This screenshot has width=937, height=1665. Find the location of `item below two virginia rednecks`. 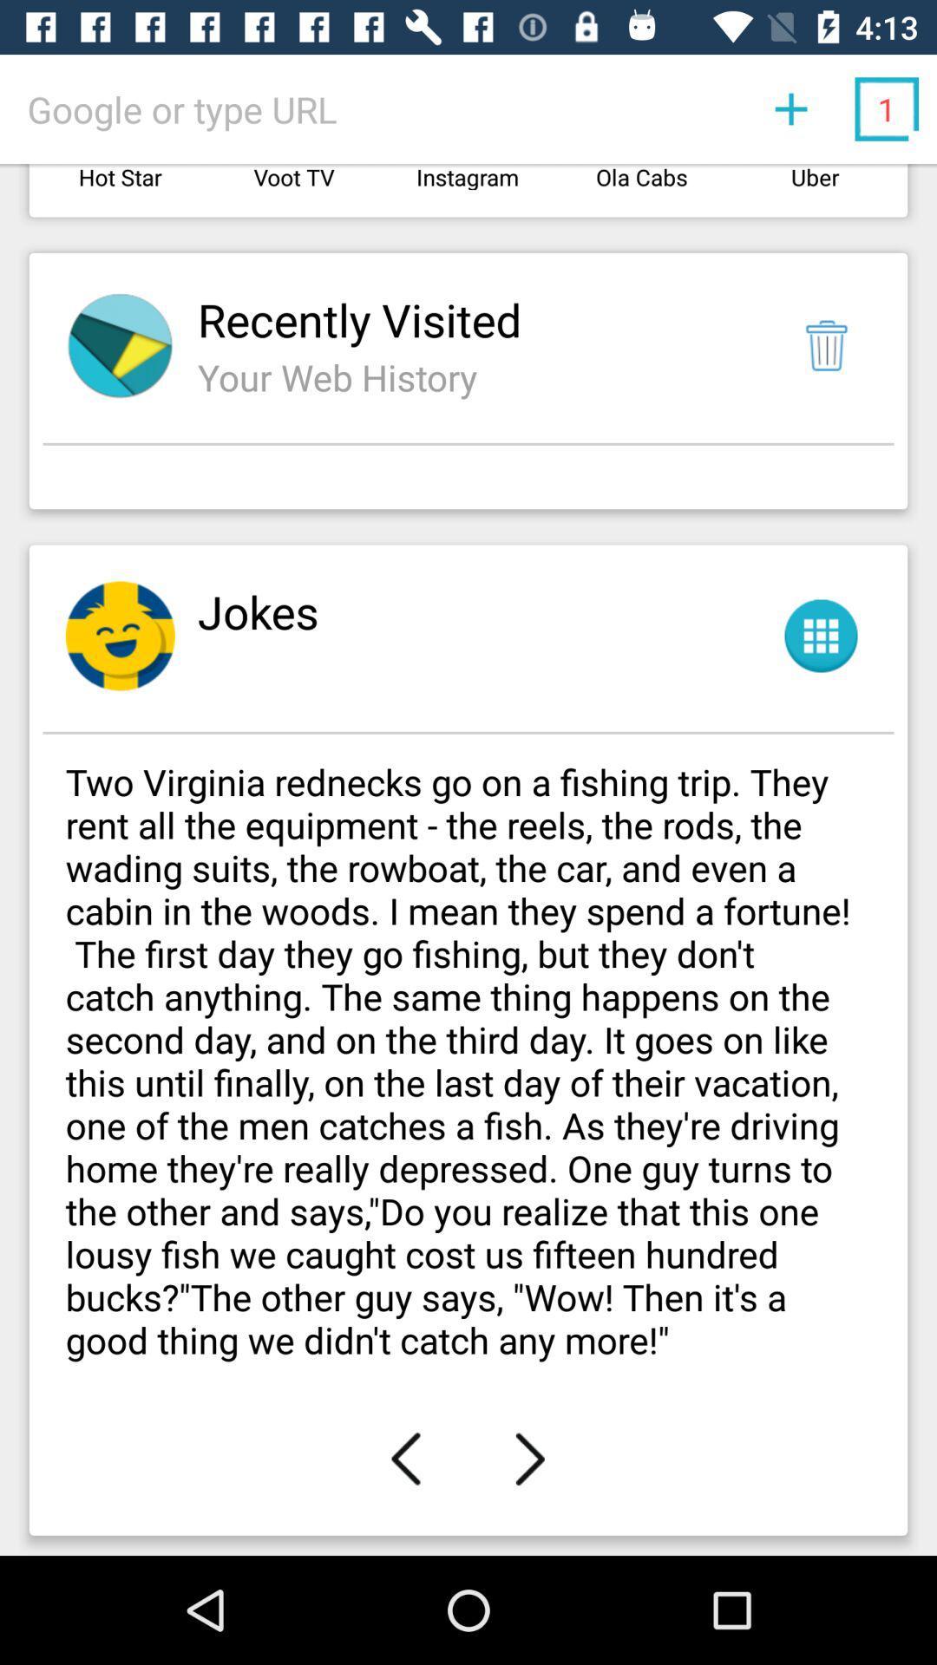

item below two virginia rednecks is located at coordinates (529, 1458).